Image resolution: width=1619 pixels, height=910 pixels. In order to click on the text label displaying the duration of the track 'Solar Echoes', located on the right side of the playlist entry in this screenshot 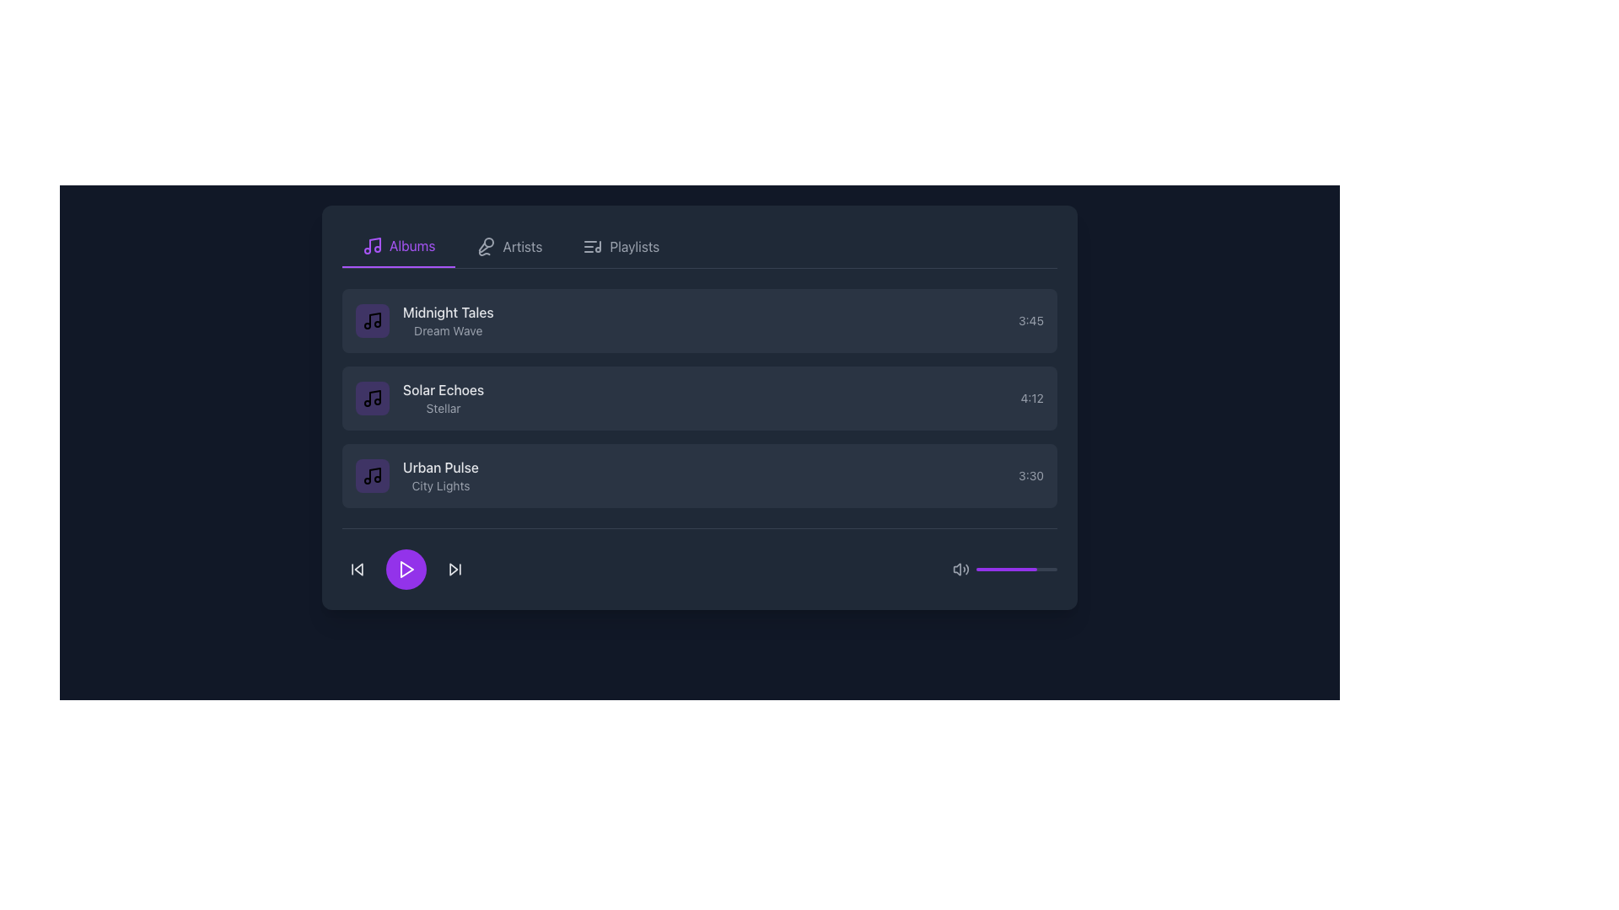, I will do `click(1031, 399)`.